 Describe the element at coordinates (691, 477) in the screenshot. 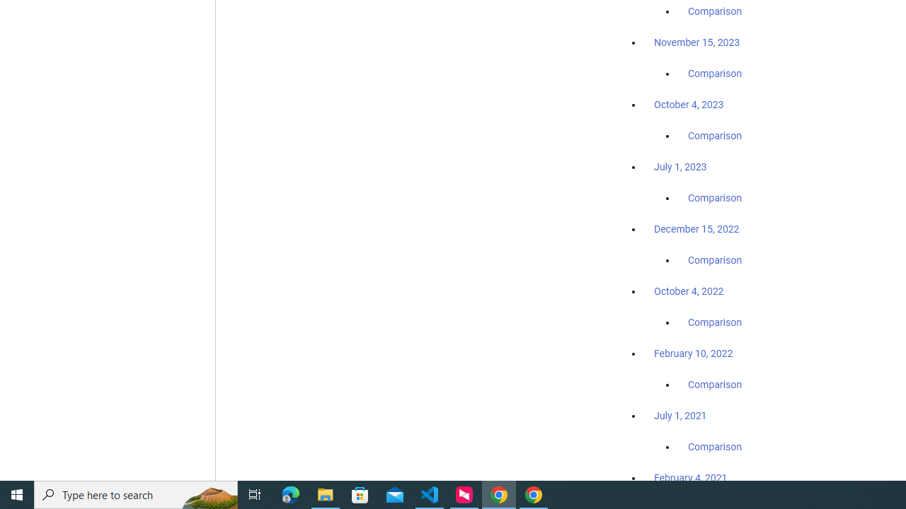

I see `'February 4, 2021'` at that location.